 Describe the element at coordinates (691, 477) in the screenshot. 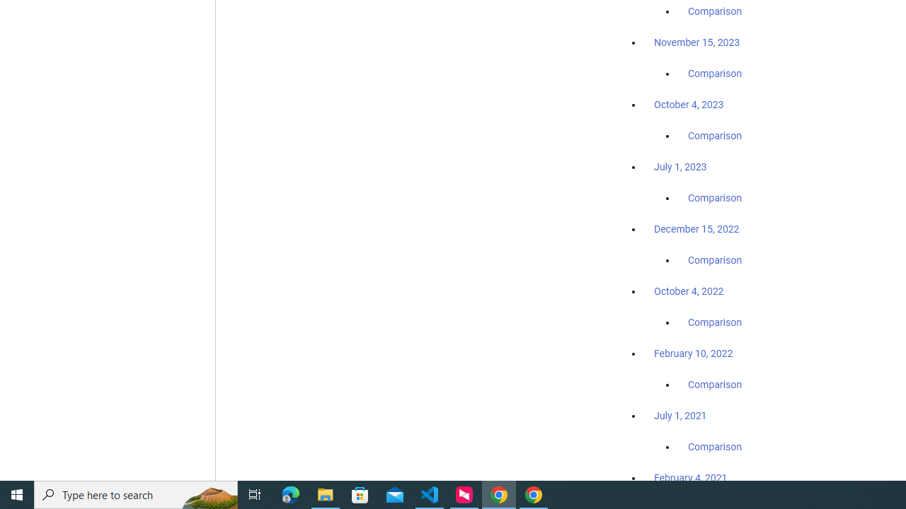

I see `'February 4, 2021'` at that location.